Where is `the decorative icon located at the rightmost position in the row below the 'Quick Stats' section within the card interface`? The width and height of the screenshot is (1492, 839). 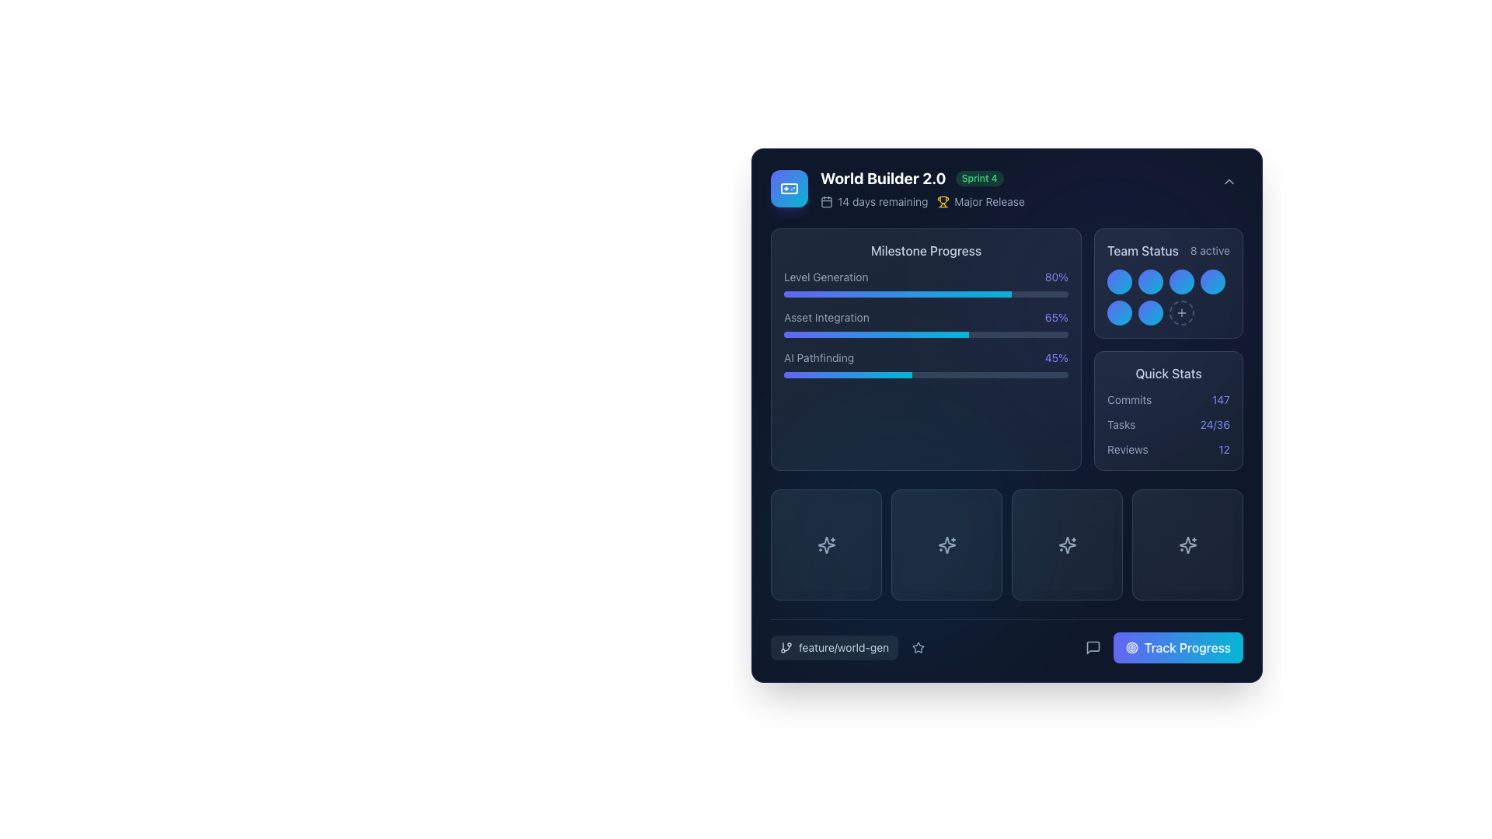 the decorative icon located at the rightmost position in the row below the 'Quick Stats' section within the card interface is located at coordinates (1187, 544).